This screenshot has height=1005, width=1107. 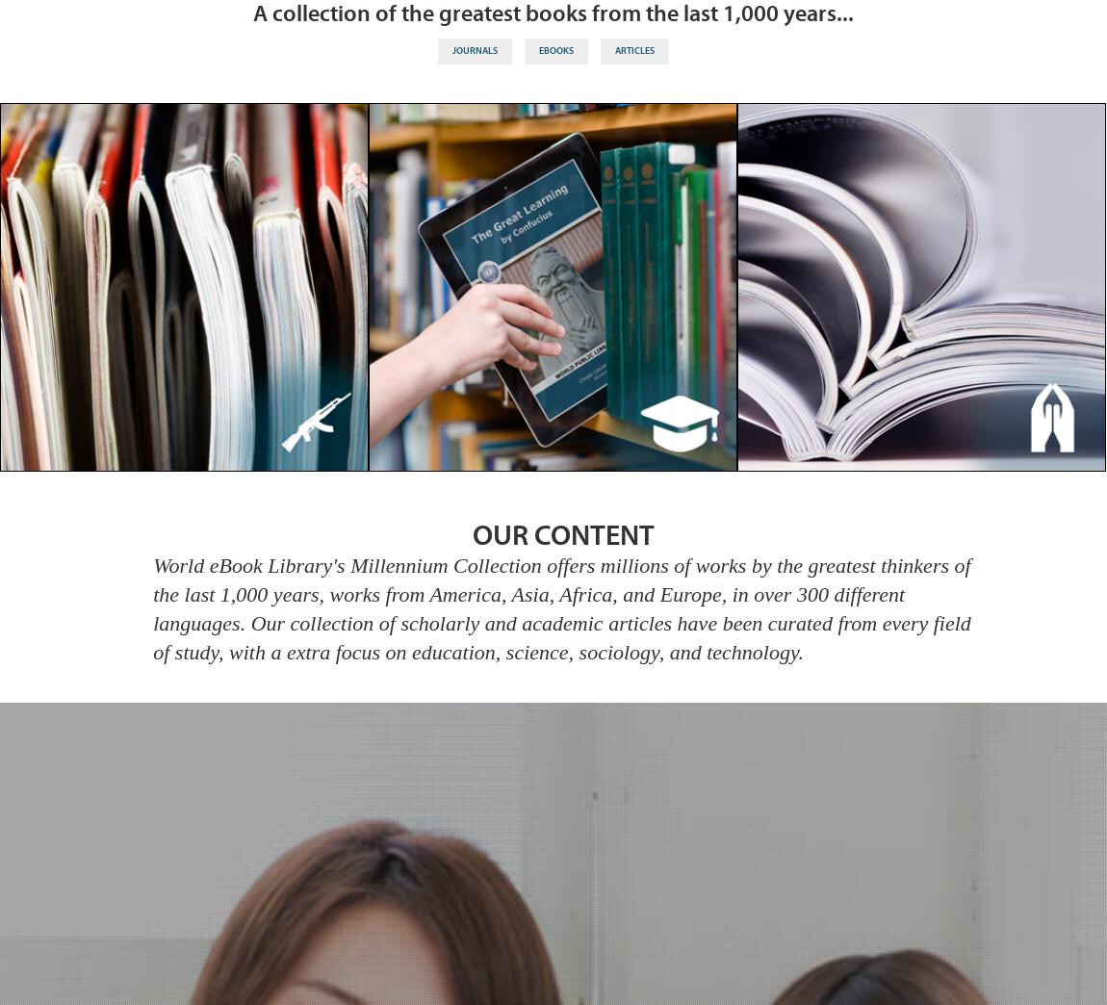 I want to click on 'of the last 1,000 years, works from America, Asia, Africa, and Europe, in over', so click(x=560, y=579).